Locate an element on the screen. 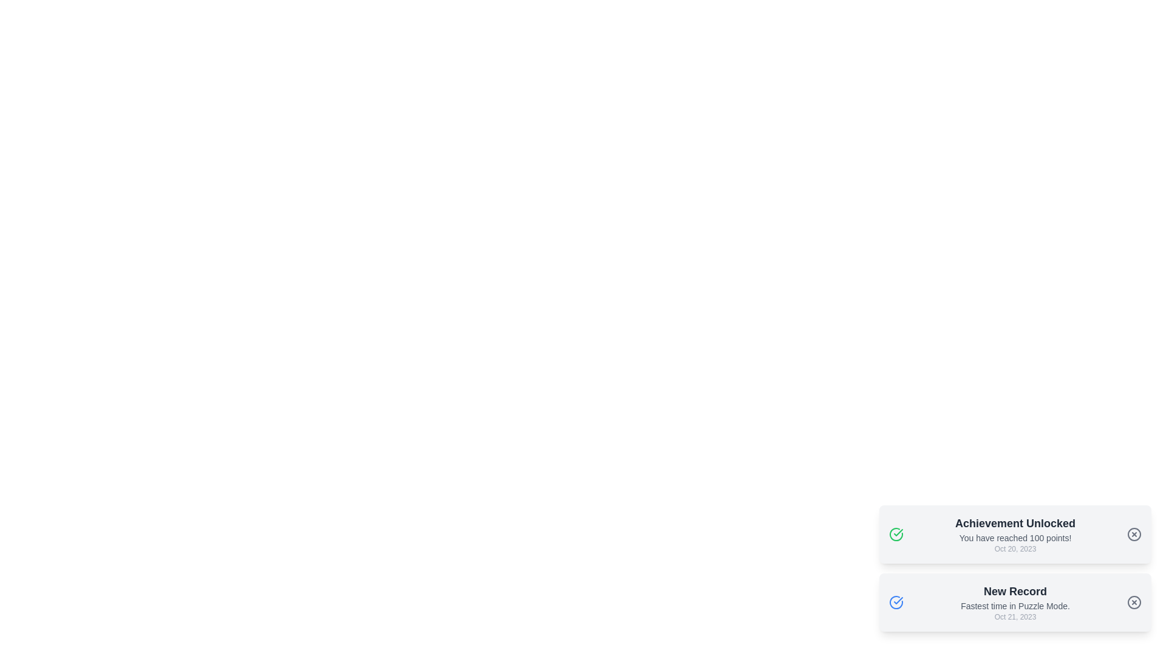  the text label at the top of the notification card, which emphasizes a new record or achievement is located at coordinates (1015, 591).